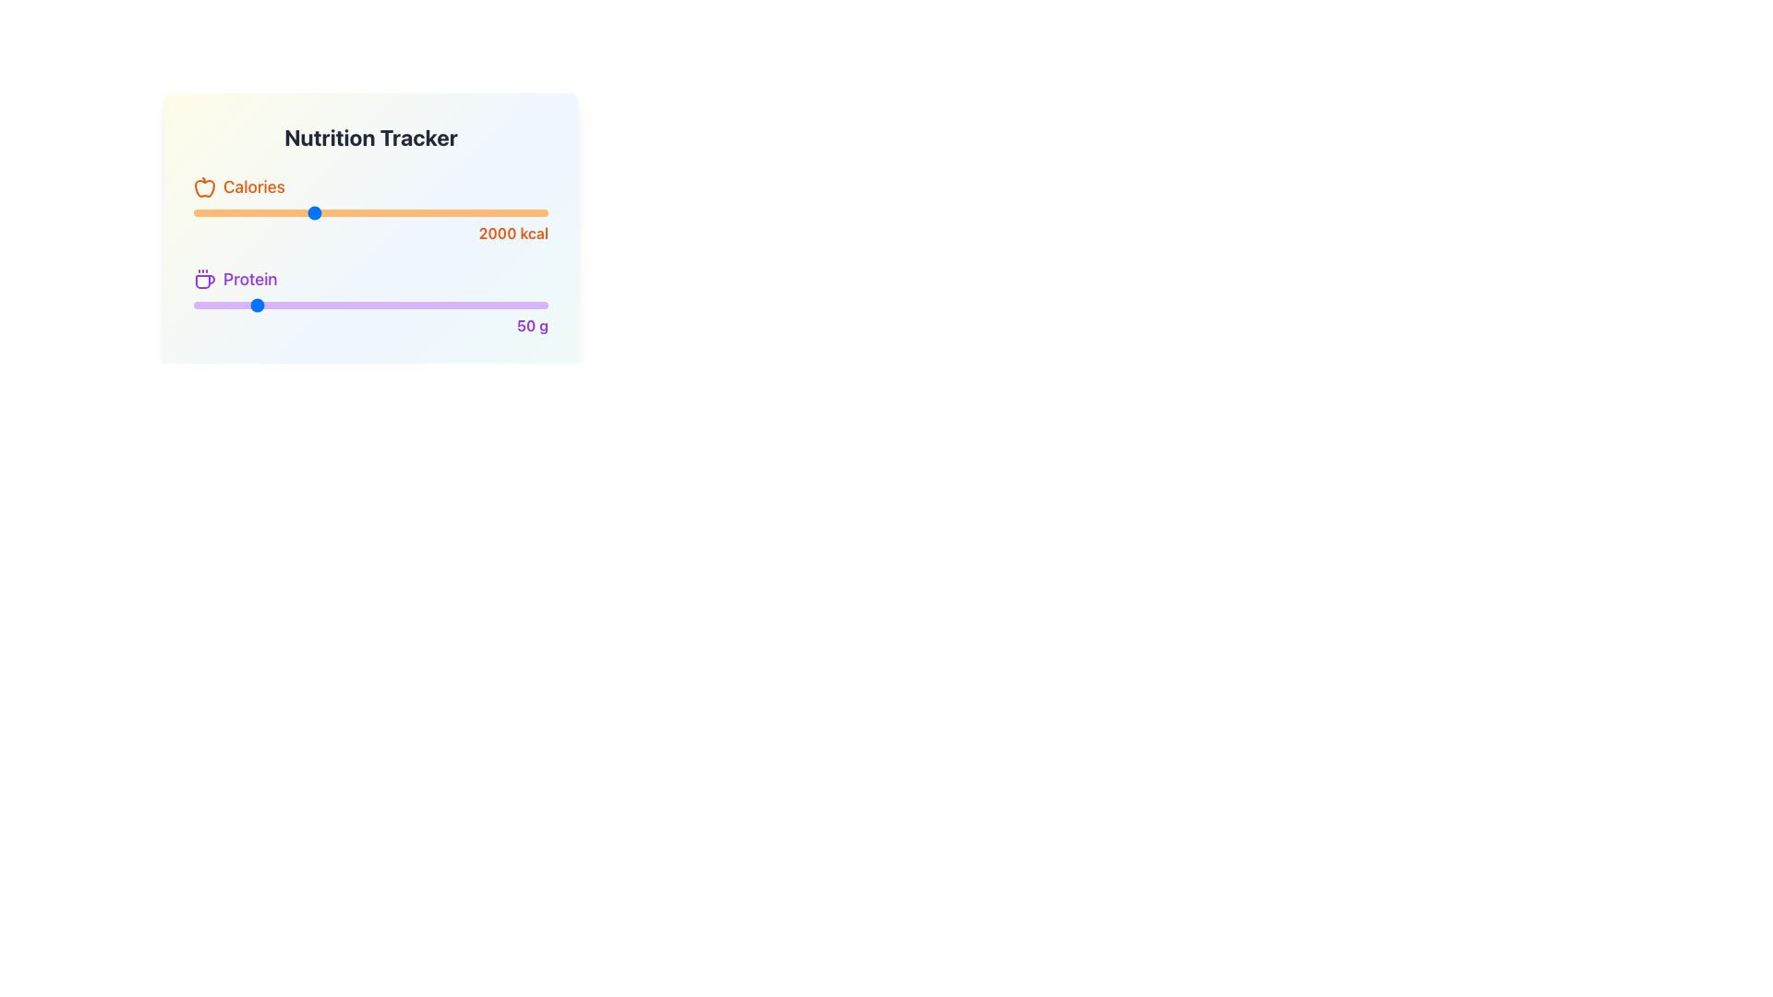 The width and height of the screenshot is (1773, 997). Describe the element at coordinates (253, 187) in the screenshot. I see `the text label displaying 'Calories' in bold and large orange font, located to the right of an apple icon in the 'Nutrition Tracker' section` at that location.